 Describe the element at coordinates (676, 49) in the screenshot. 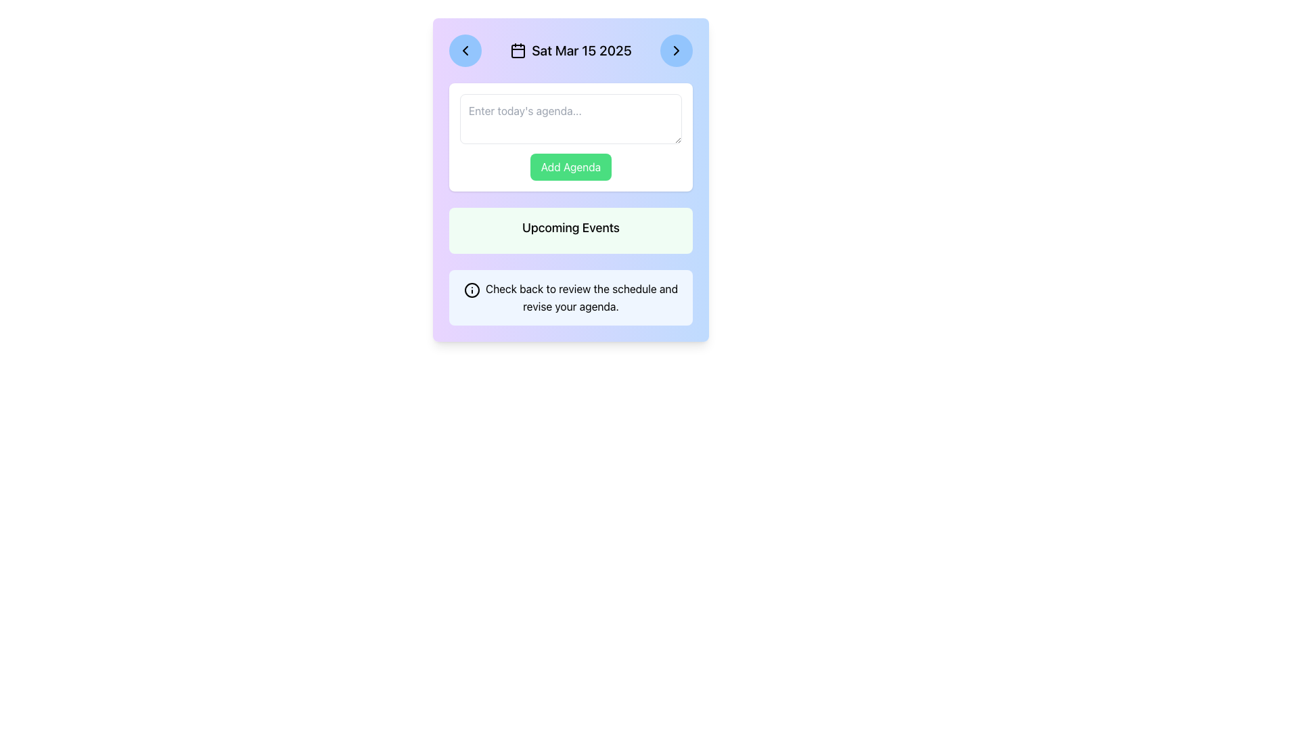

I see `the circular button located at the top-right corner of the card layout` at that location.